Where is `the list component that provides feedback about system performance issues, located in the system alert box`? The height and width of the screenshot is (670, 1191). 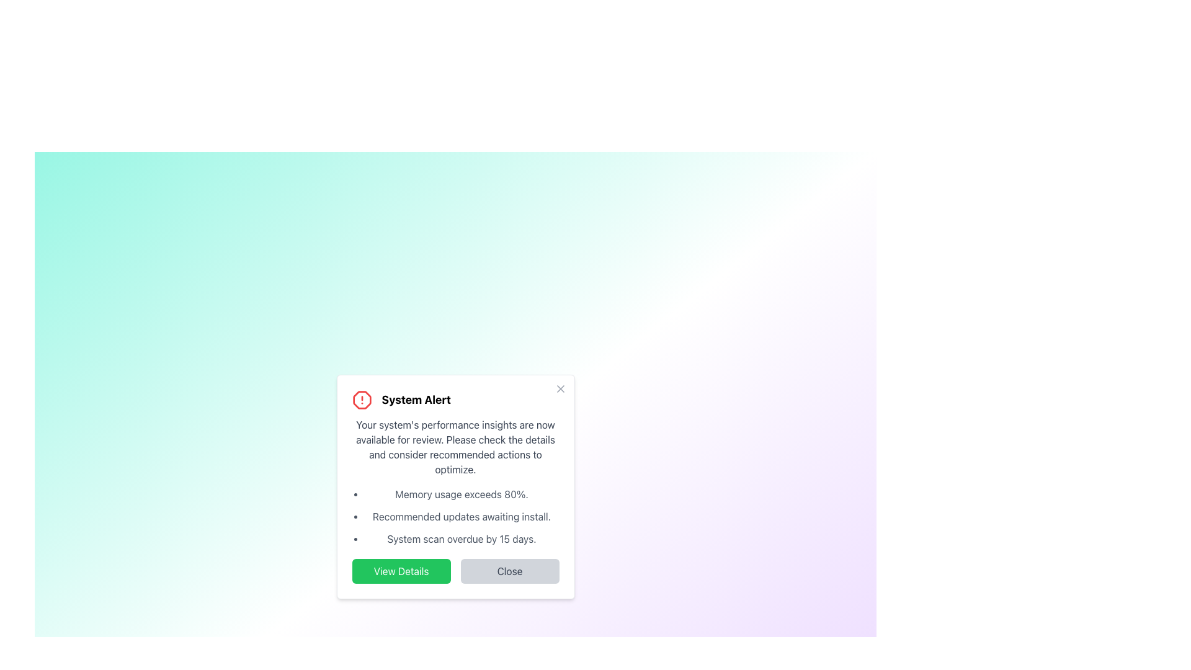 the list component that provides feedback about system performance issues, located in the system alert box is located at coordinates (461, 517).